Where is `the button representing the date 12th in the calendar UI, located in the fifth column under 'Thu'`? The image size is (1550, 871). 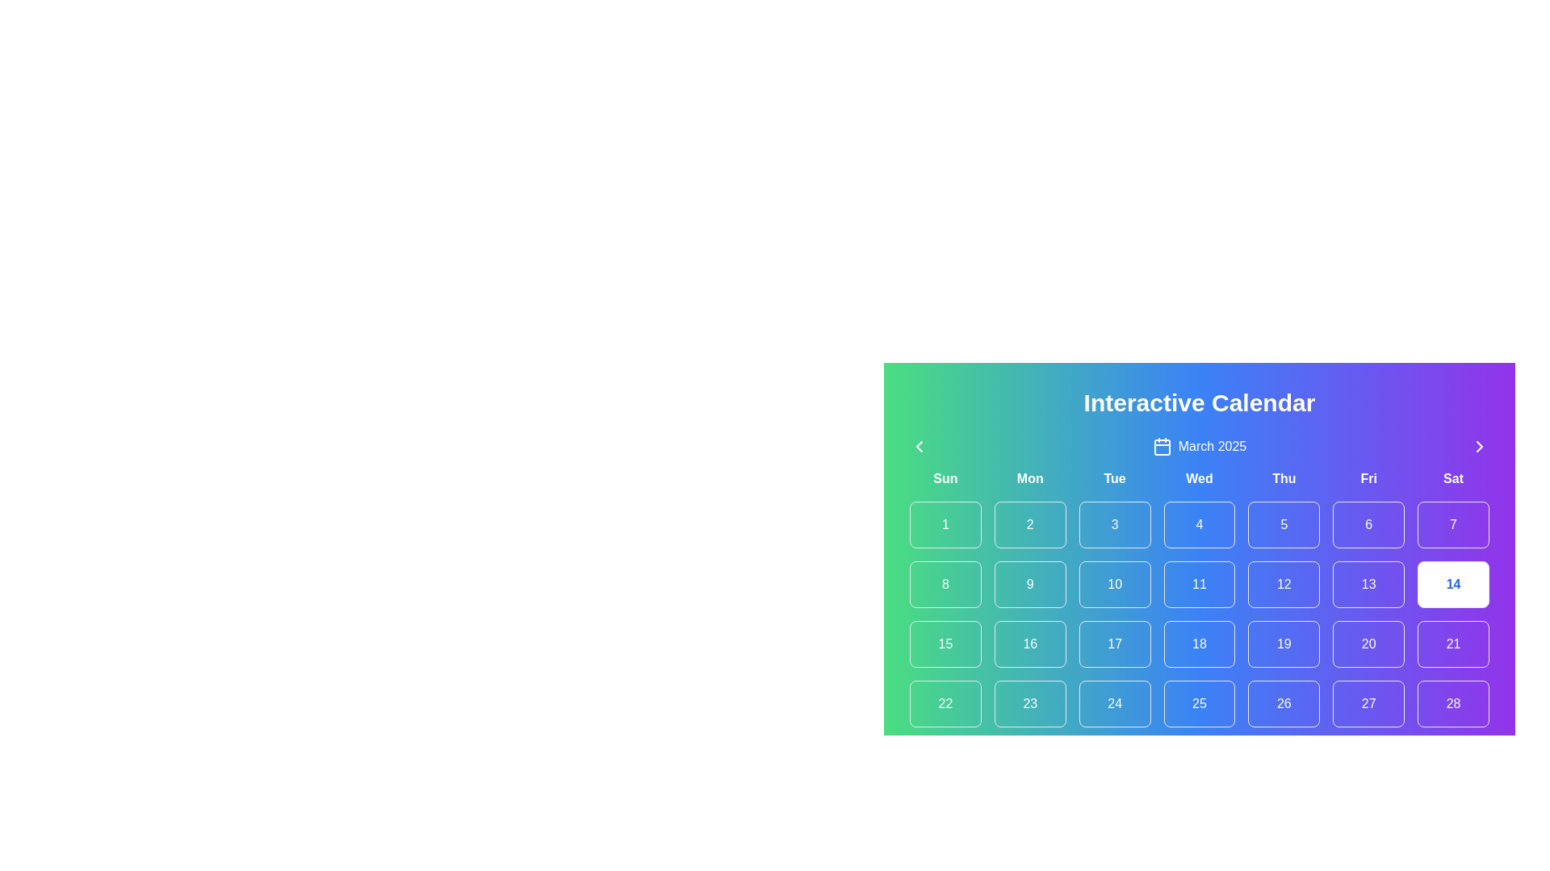 the button representing the date 12th in the calendar UI, located in the fifth column under 'Thu' is located at coordinates (1283, 585).